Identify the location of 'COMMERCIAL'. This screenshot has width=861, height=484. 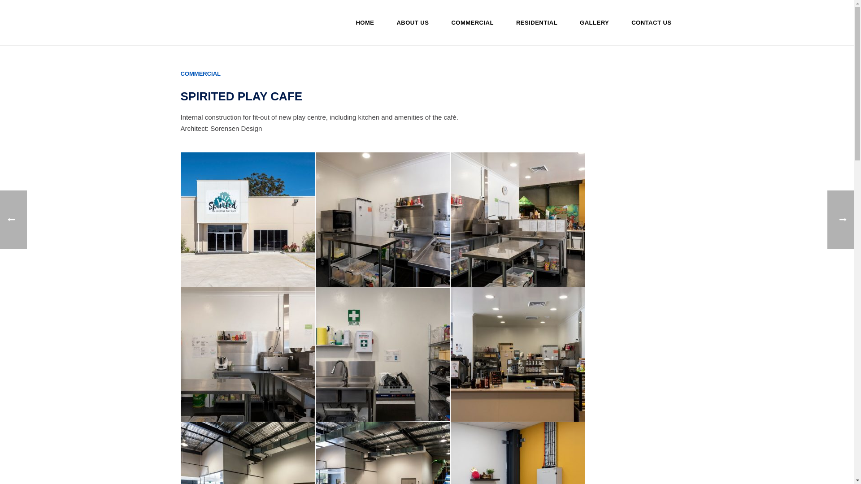
(472, 22).